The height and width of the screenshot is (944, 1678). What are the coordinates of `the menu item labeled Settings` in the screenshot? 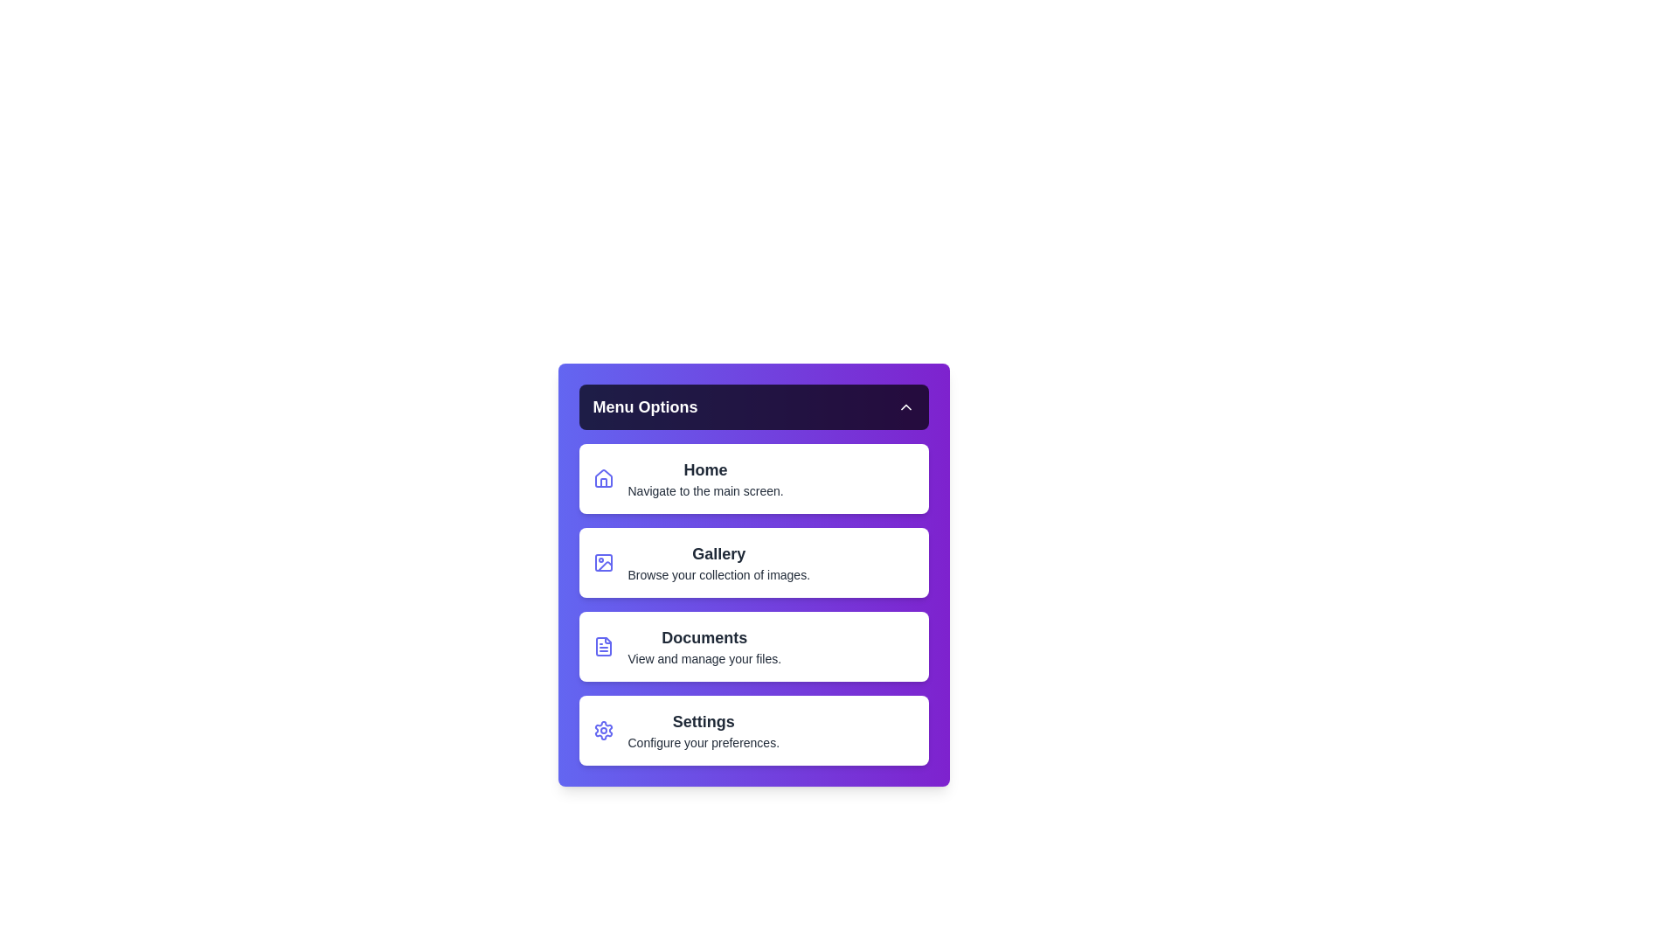 It's located at (753, 731).